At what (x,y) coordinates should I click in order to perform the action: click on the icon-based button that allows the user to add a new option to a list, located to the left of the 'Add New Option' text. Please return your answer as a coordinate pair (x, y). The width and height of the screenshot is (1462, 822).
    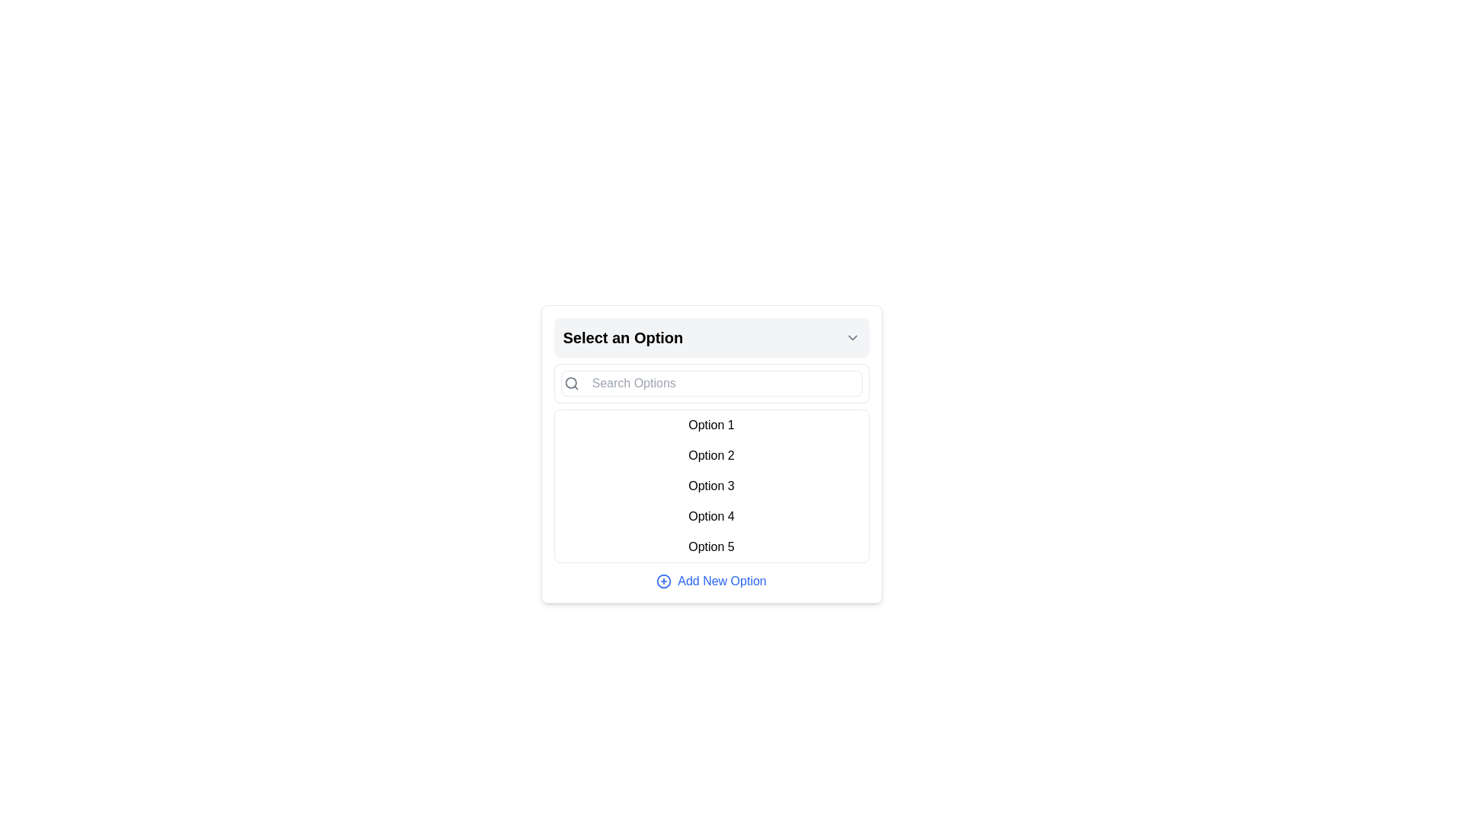
    Looking at the image, I should click on (664, 581).